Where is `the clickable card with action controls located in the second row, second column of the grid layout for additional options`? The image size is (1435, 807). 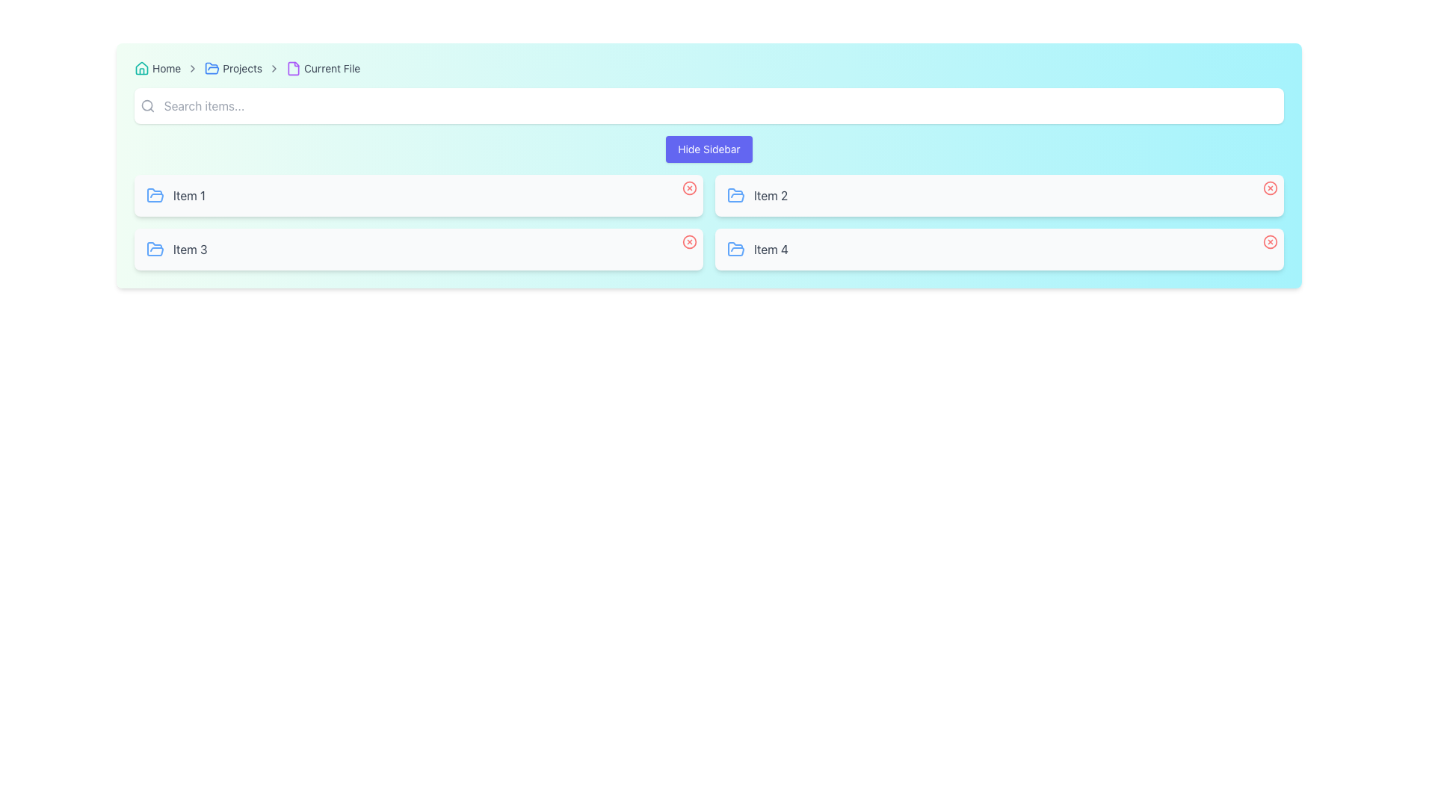
the clickable card with action controls located in the second row, second column of the grid layout for additional options is located at coordinates (999, 249).